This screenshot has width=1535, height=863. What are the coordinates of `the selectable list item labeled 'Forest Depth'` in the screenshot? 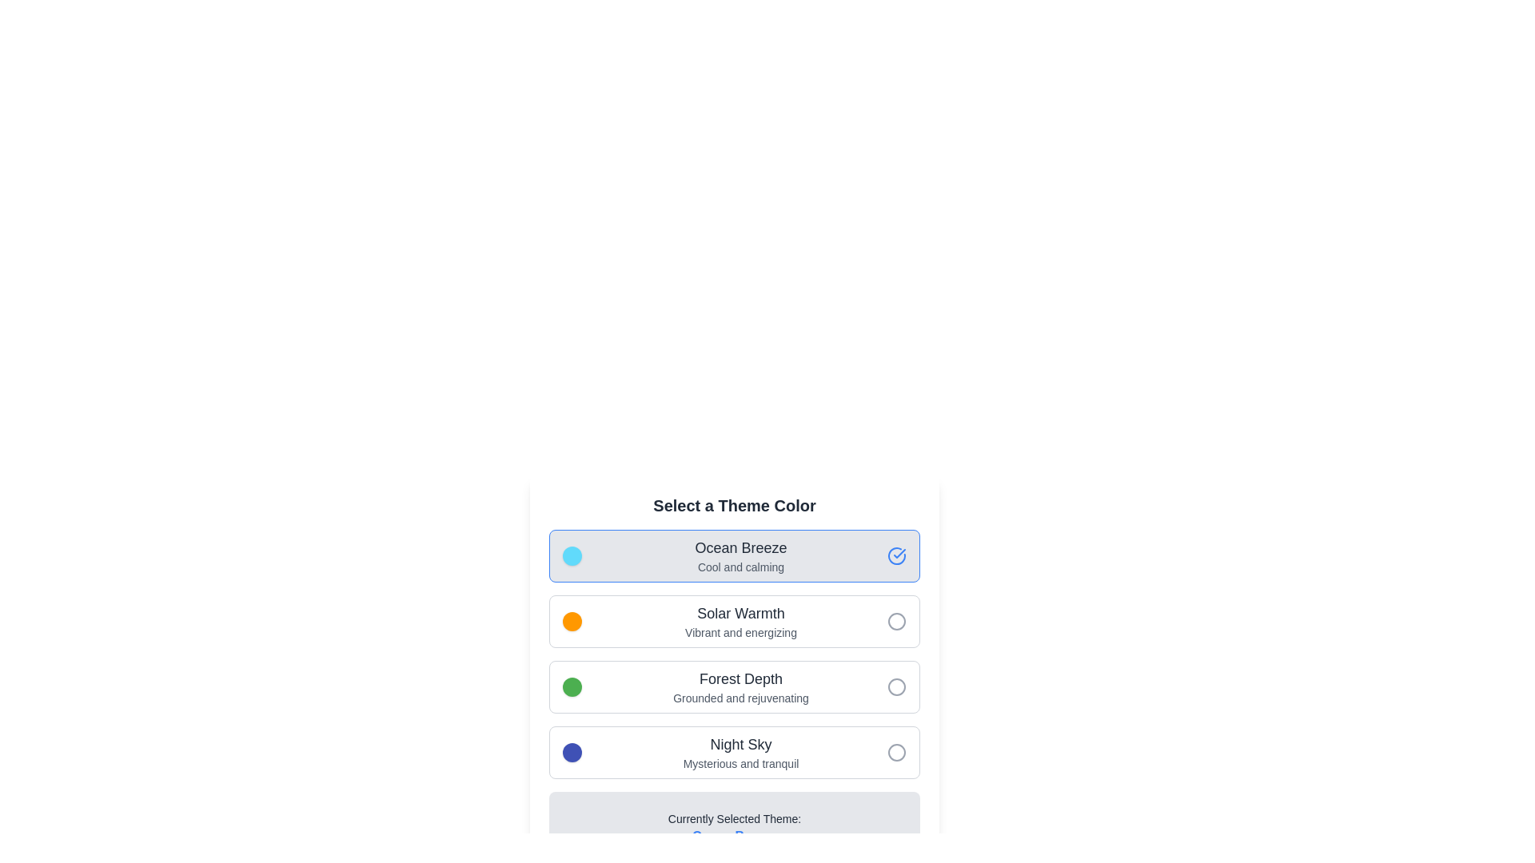 It's located at (740, 686).